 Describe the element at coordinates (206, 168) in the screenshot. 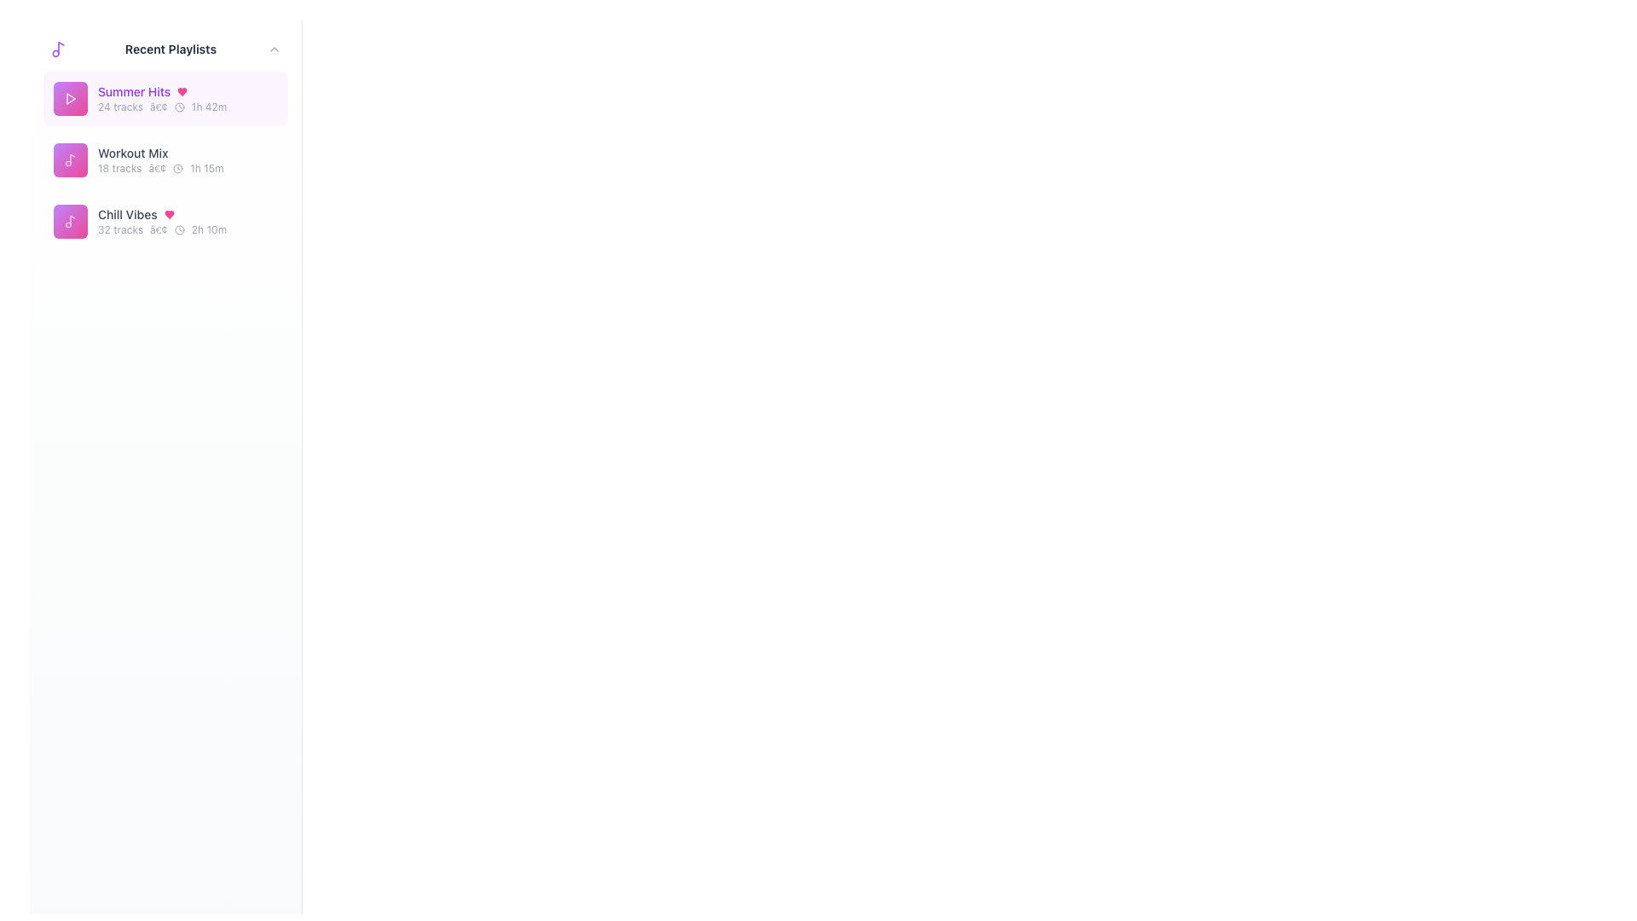

I see `properties of the text label that indicates the total duration of the playlist, located in the 'Workout Mix' entry, to the right of the clock icon` at that location.